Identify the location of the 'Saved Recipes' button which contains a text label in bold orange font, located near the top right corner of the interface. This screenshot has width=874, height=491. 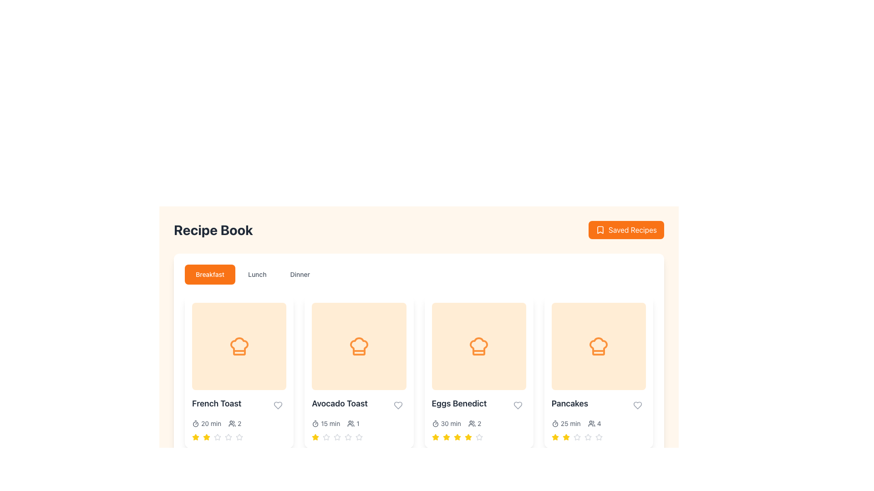
(632, 229).